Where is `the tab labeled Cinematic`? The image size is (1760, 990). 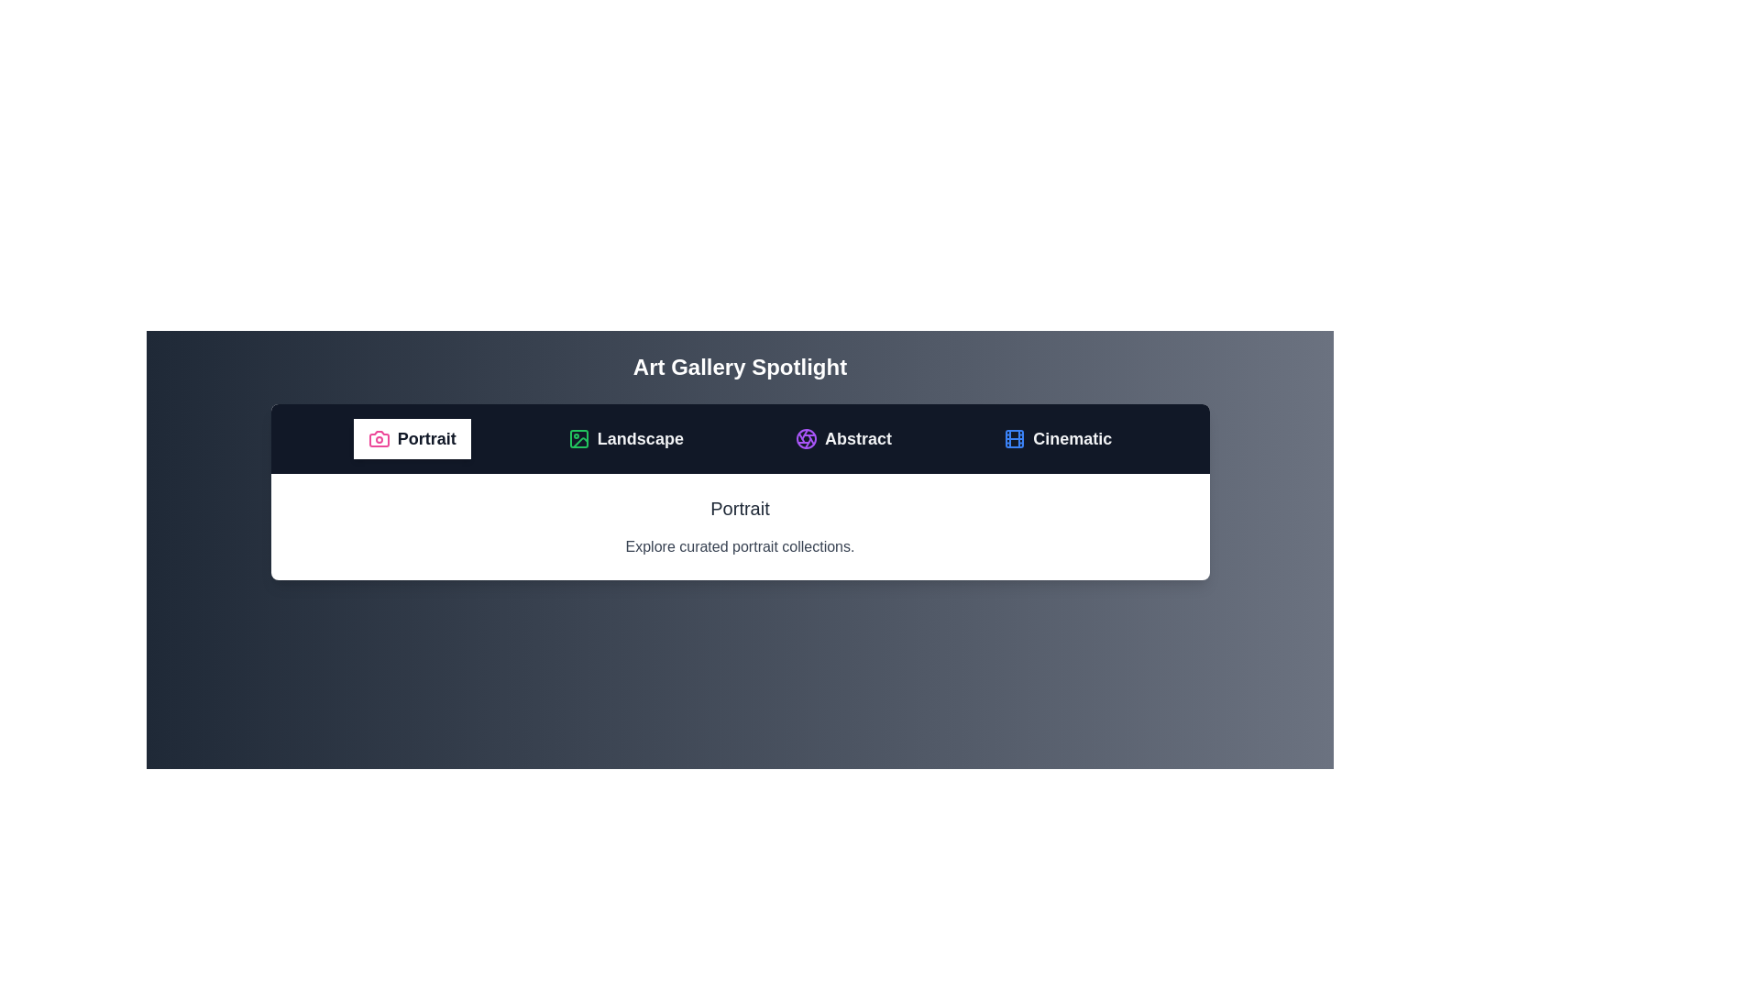
the tab labeled Cinematic is located at coordinates (1058, 438).